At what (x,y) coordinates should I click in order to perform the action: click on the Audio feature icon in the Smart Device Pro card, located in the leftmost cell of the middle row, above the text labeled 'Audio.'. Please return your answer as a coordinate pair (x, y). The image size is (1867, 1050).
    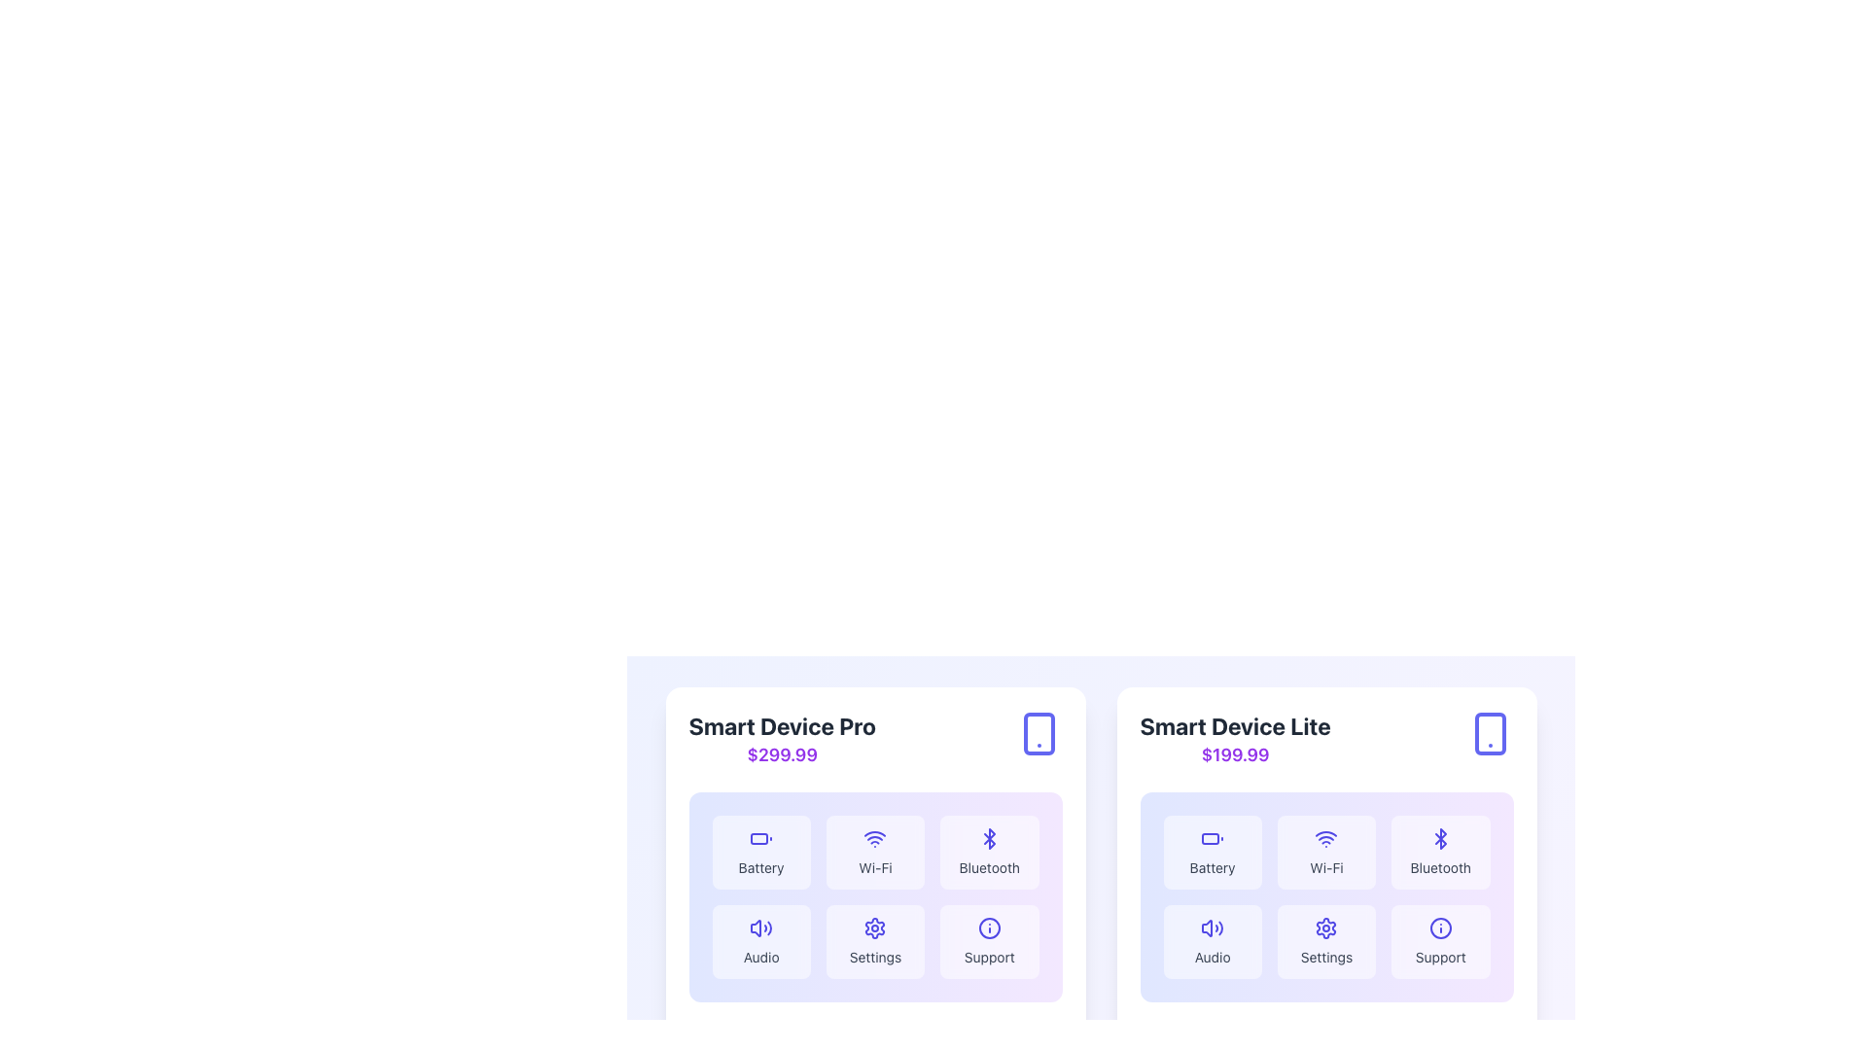
    Looking at the image, I should click on (760, 927).